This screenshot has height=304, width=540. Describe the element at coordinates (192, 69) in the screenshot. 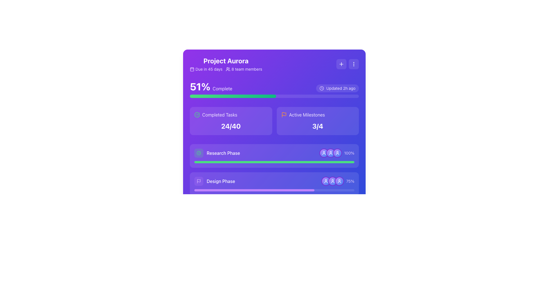

I see `the calendar icon located in the top-left portion of the interface, which is adjacent to the text 'Due in 45 days.'` at that location.